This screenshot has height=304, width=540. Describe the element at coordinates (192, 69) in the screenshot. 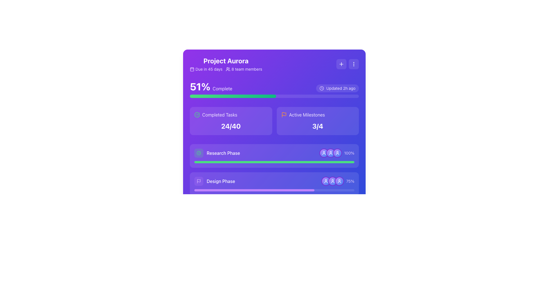

I see `the calendar icon located in the top-left portion of the interface, which is adjacent to the text 'Due in 45 days.'` at that location.